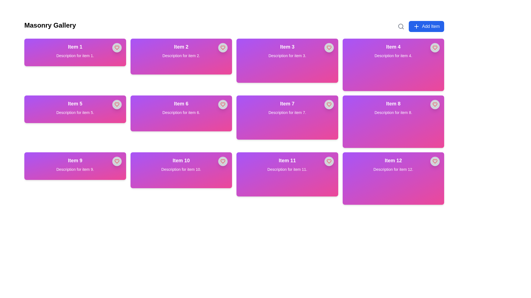  Describe the element at coordinates (393, 161) in the screenshot. I see `text content of the title label located in the 'Item 12' card, positioned at the top left of the card in the last column of the fourth row` at that location.